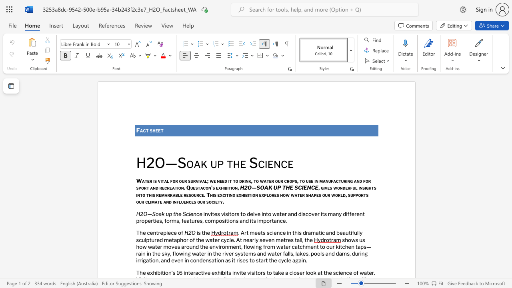 This screenshot has width=512, height=288. Describe the element at coordinates (199, 213) in the screenshot. I see `the space between the continuous character "c" and "e" in the text` at that location.